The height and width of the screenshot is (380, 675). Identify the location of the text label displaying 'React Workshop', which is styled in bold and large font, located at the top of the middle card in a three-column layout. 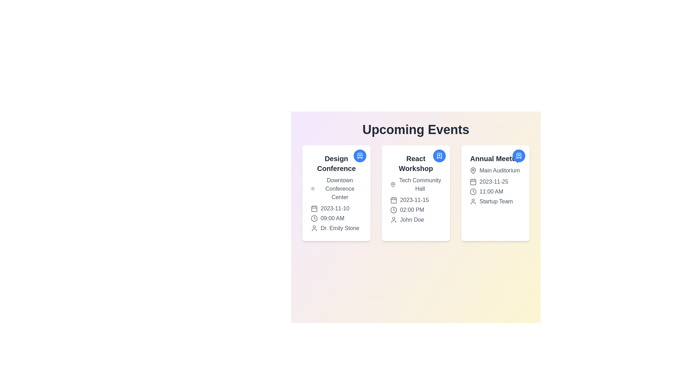
(416, 164).